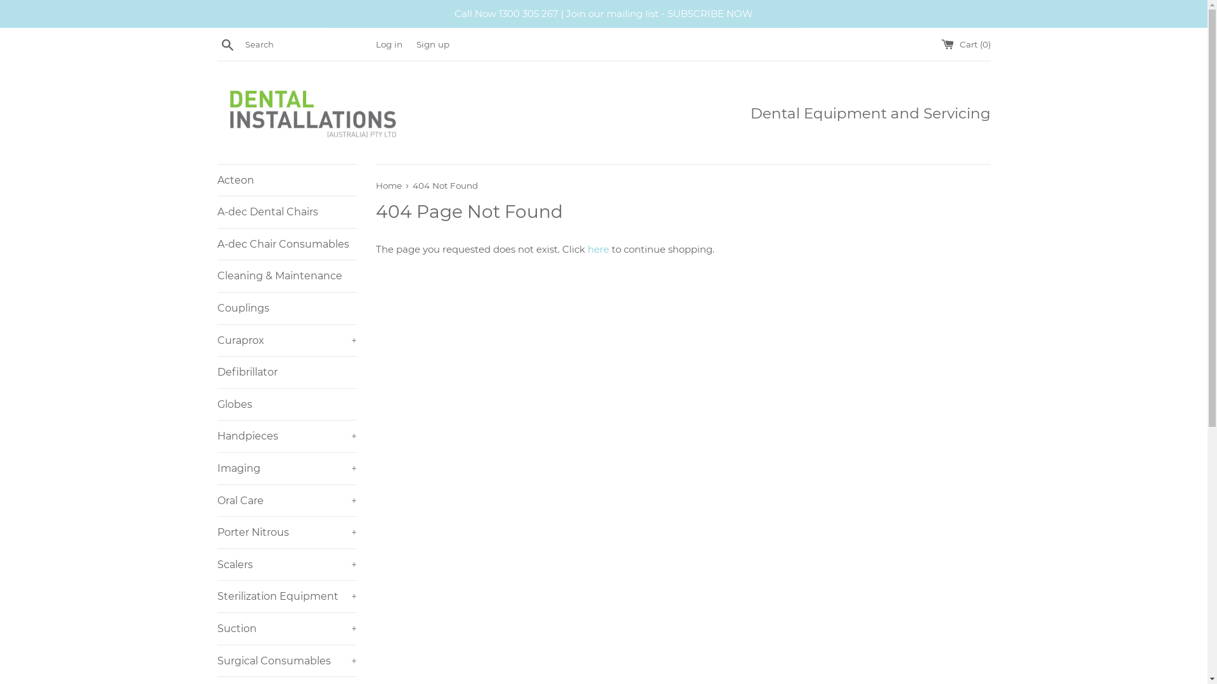 This screenshot has width=1217, height=684. What do you see at coordinates (285, 244) in the screenshot?
I see `'A-dec Chair Consumables'` at bounding box center [285, 244].